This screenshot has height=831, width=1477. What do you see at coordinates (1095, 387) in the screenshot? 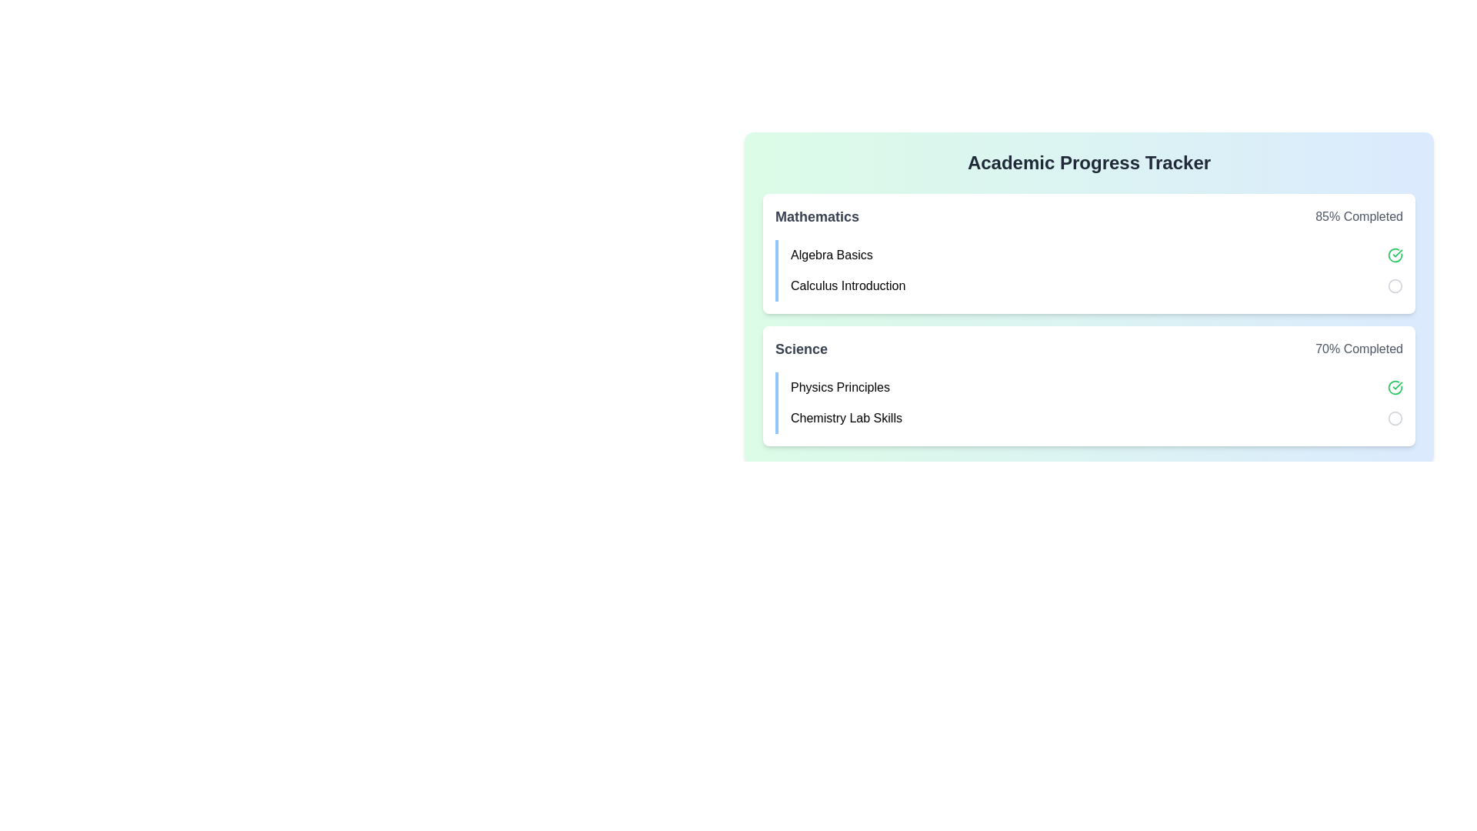
I see `the green checkmark of the 'Physics Principles' topic in the progress tracker to modify its status, indicating that the item is part of the 'Science' section and marked as complete` at bounding box center [1095, 387].